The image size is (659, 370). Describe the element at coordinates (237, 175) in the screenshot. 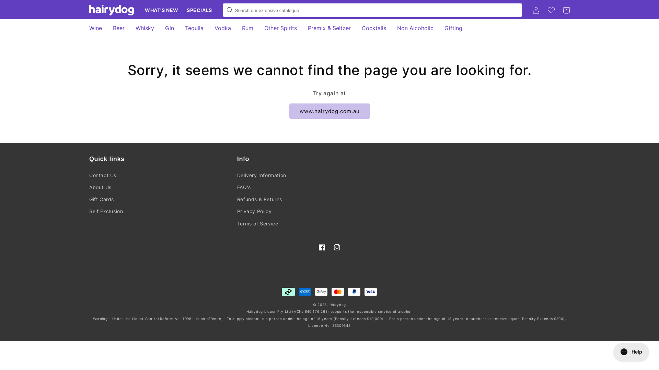

I see `'Delivery Information'` at that location.